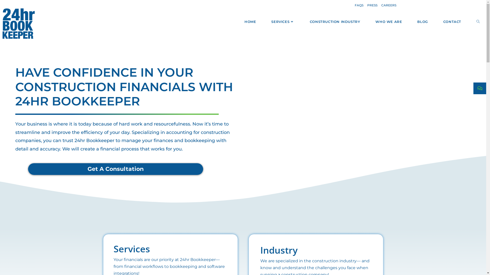 The image size is (490, 275). I want to click on 'PRESS', so click(367, 5).